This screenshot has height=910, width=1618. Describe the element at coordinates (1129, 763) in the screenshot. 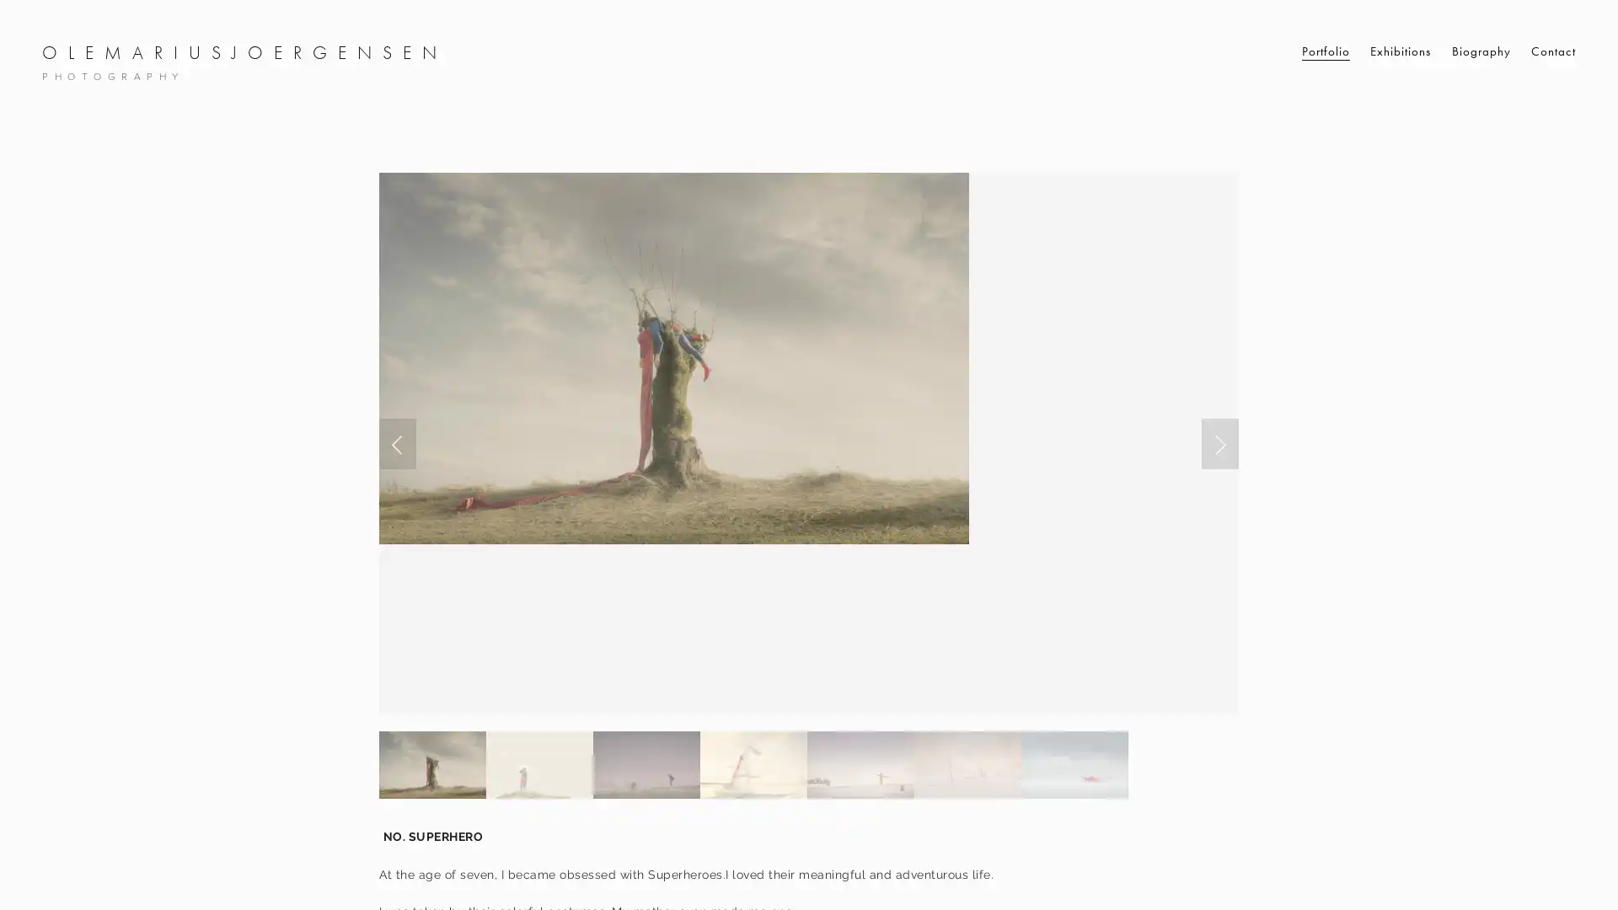

I see `Slide 7` at that location.